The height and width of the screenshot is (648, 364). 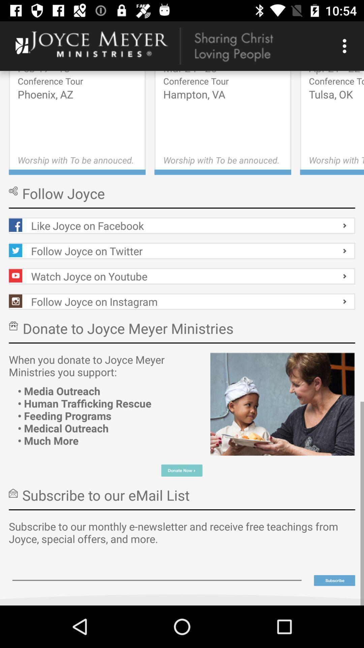 What do you see at coordinates (157, 571) in the screenshot?
I see `email subscribe` at bounding box center [157, 571].